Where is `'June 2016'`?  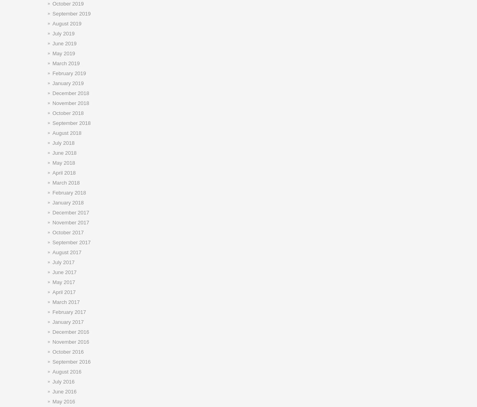
'June 2016' is located at coordinates (64, 391).